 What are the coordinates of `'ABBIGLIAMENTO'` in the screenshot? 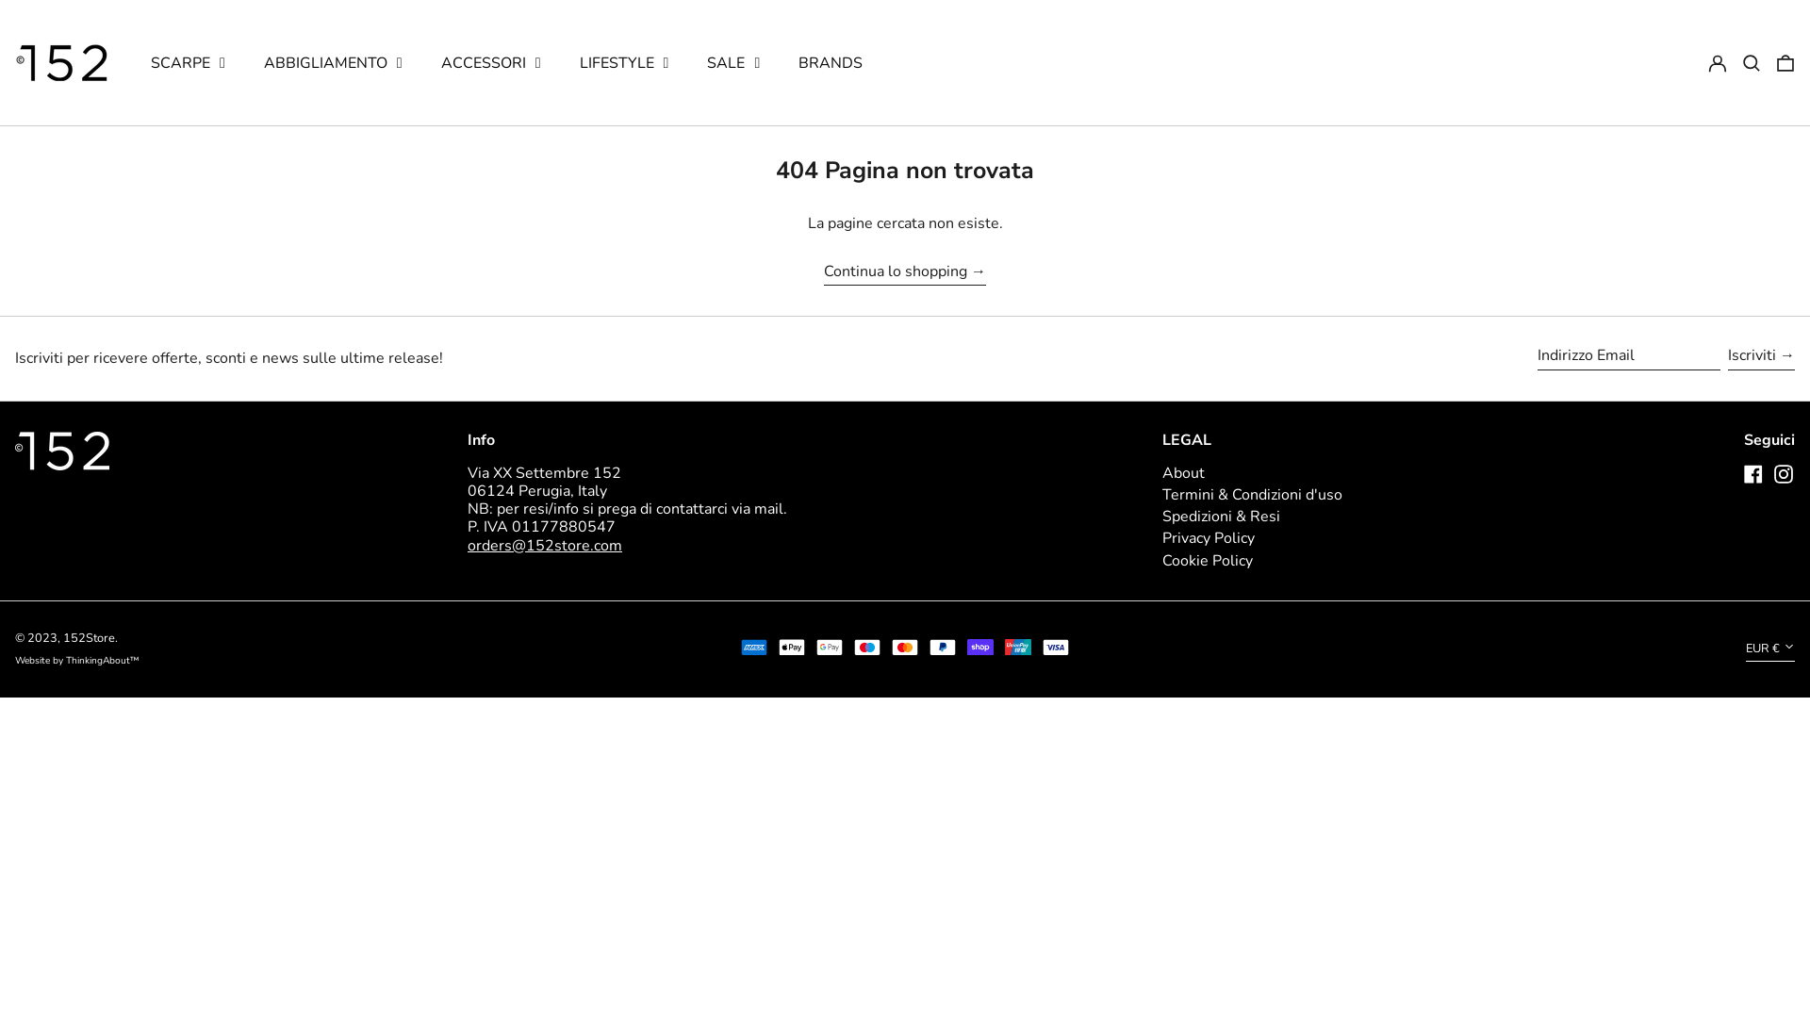 It's located at (333, 61).